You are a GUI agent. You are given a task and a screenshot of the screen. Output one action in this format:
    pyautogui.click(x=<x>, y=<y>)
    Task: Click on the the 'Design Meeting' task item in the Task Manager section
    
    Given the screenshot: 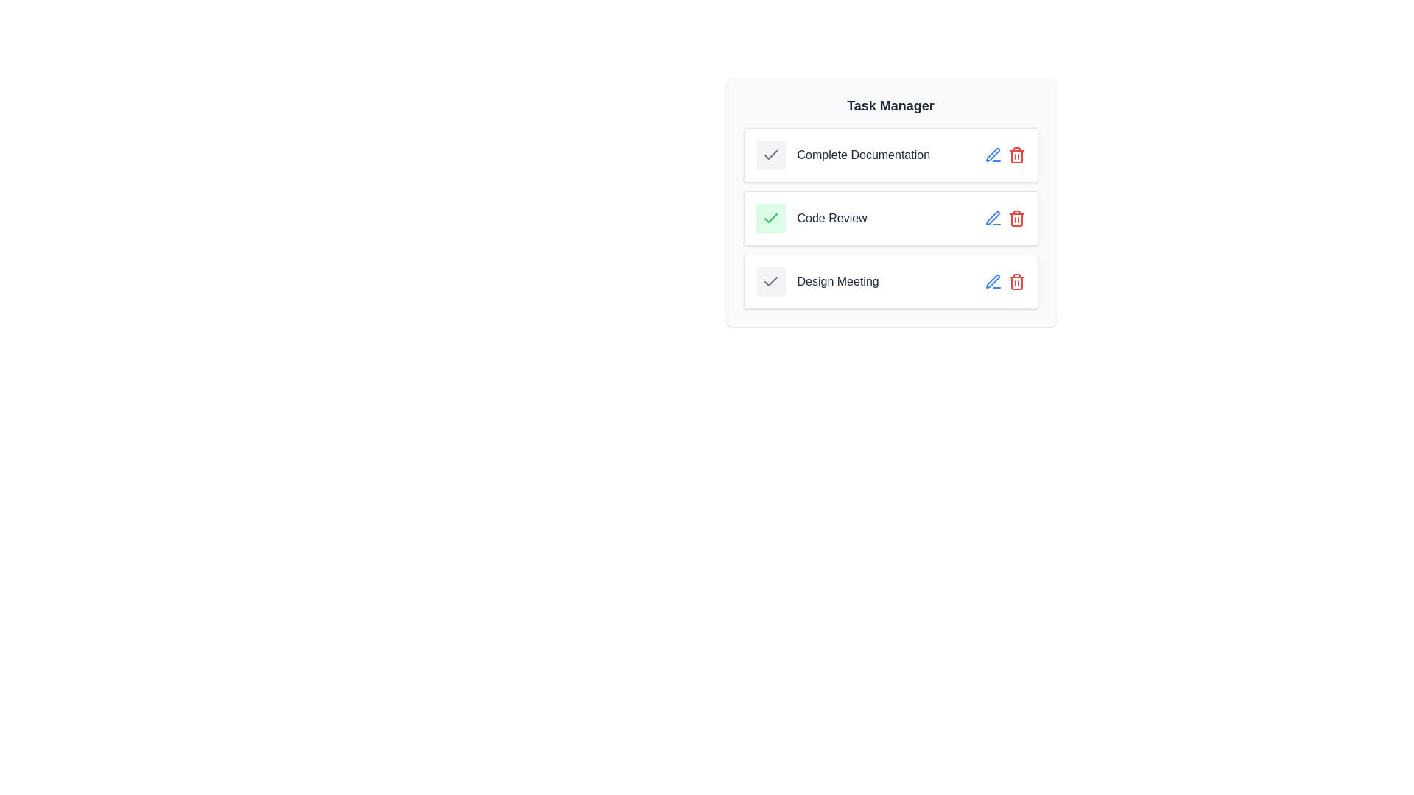 What is the action you would take?
    pyautogui.click(x=817, y=281)
    